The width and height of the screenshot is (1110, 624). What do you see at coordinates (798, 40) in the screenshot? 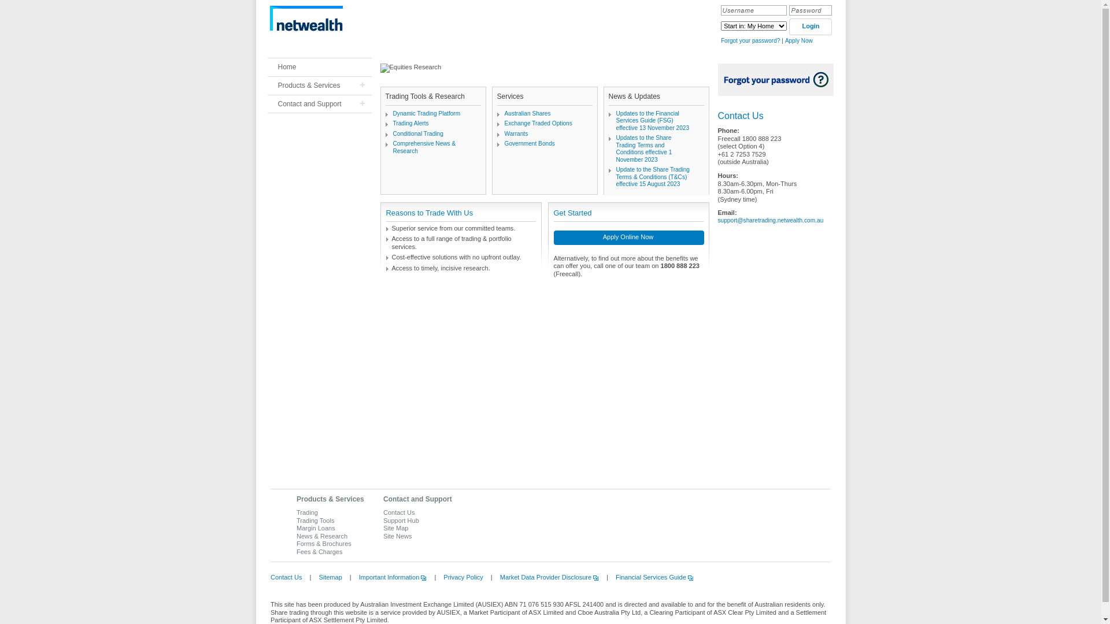
I see `'Apply Now'` at bounding box center [798, 40].